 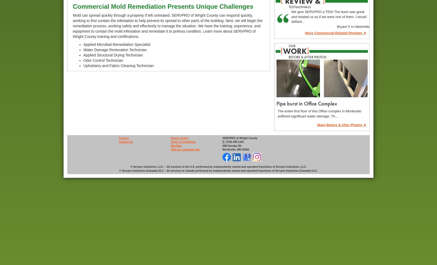 What do you see at coordinates (307, 56) in the screenshot?
I see `'before & after photos'` at bounding box center [307, 56].